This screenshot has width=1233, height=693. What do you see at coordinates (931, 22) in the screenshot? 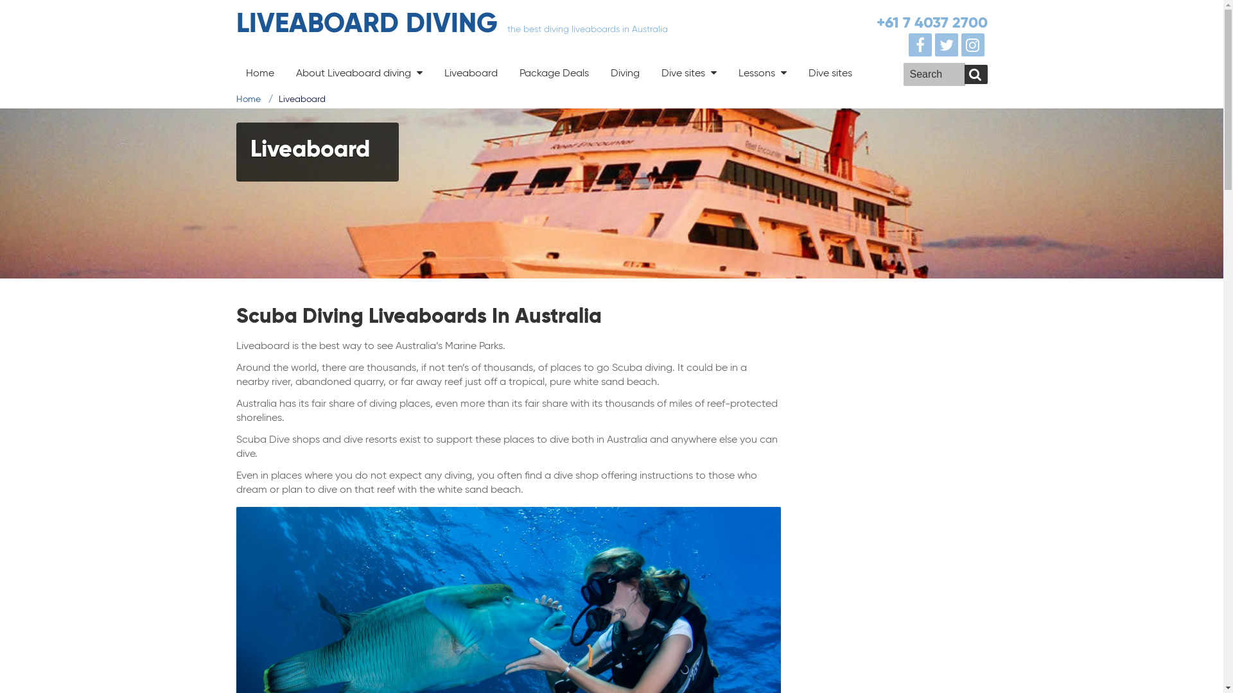
I see `'+61 7 4037 2700'` at bounding box center [931, 22].